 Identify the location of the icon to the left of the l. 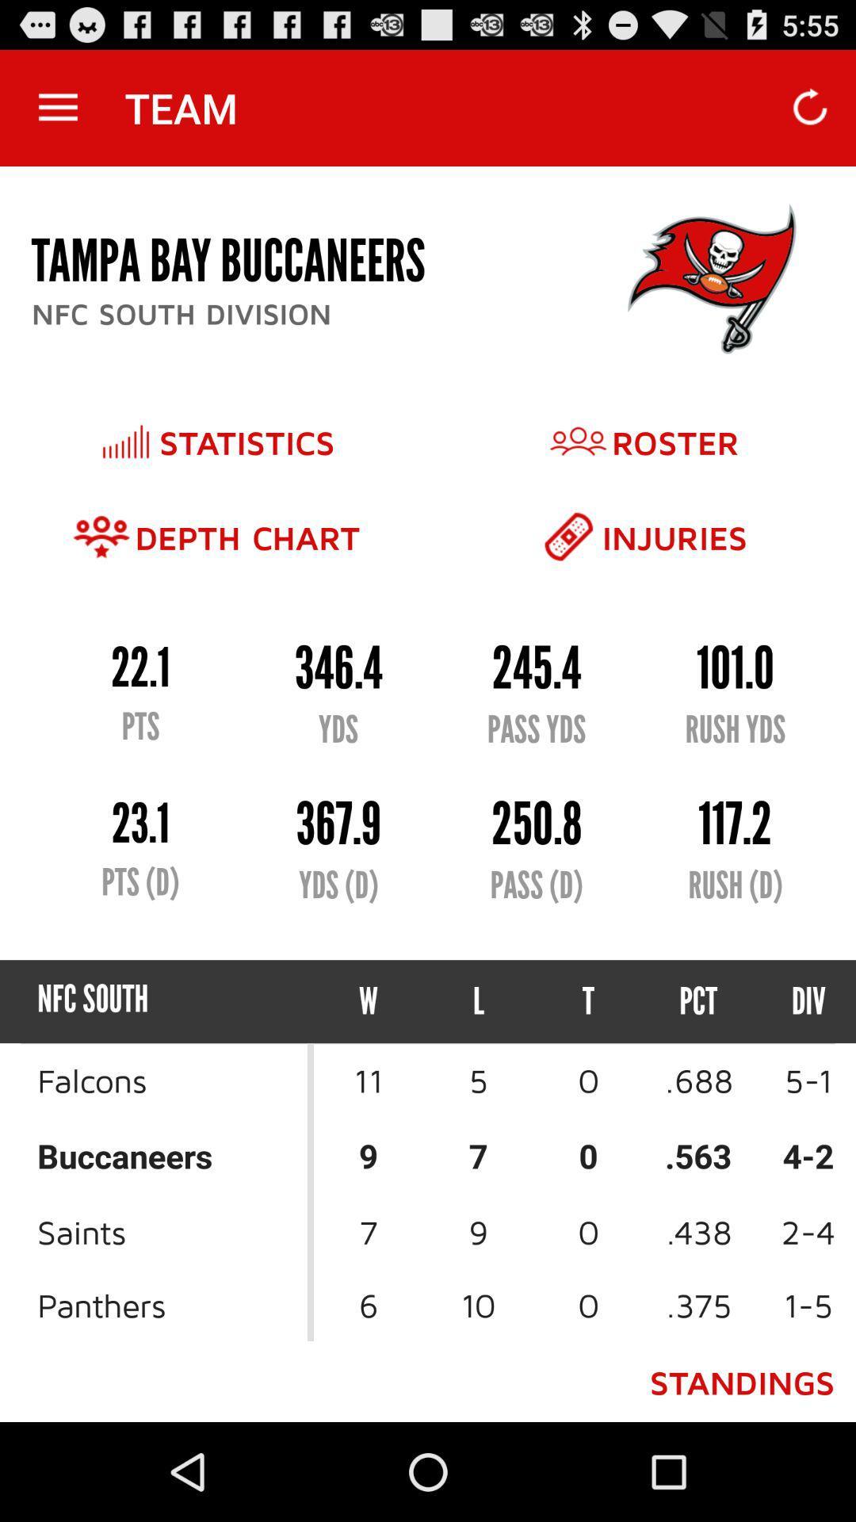
(369, 1000).